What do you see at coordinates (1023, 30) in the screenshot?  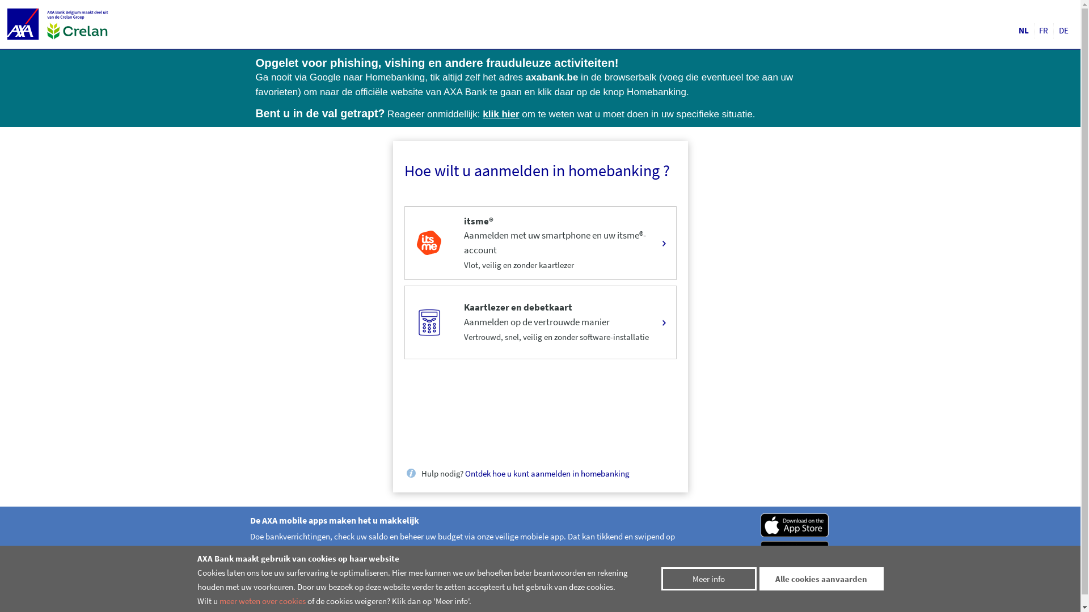 I see `'NL'` at bounding box center [1023, 30].